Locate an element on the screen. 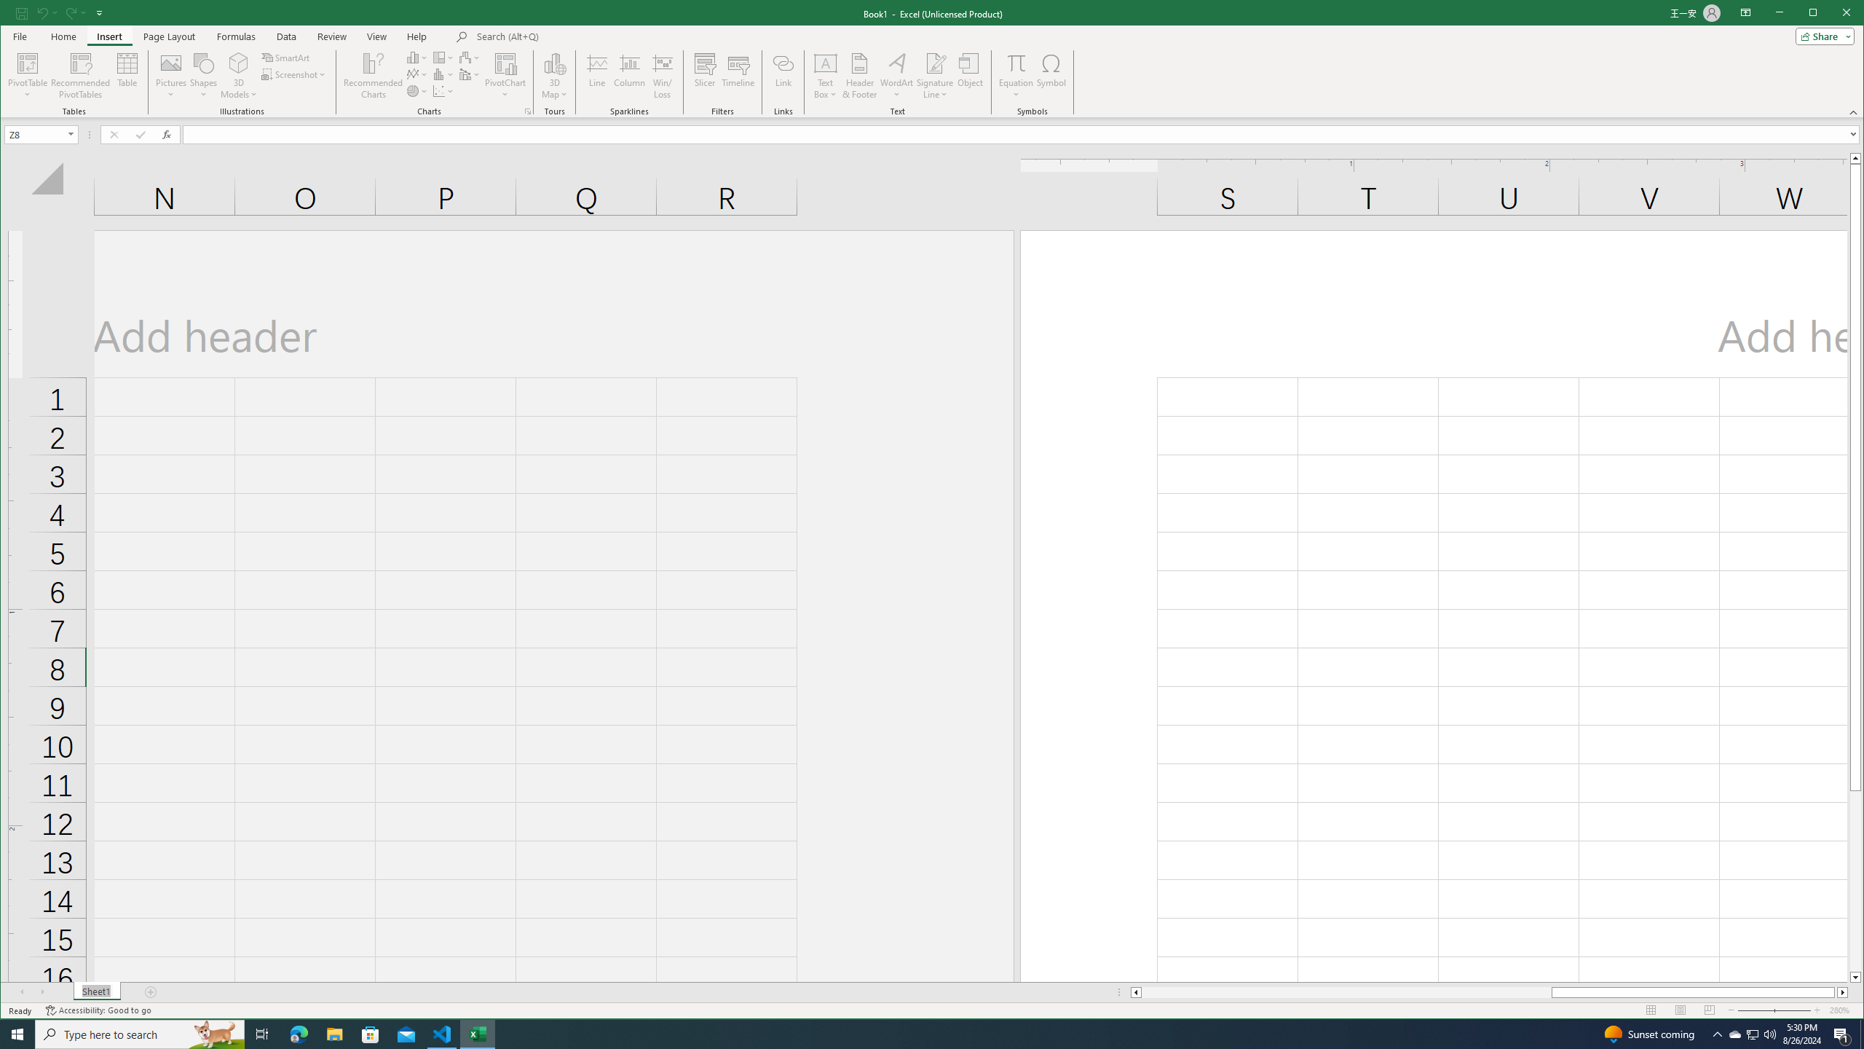  'PivotTable' is located at coordinates (28, 75).